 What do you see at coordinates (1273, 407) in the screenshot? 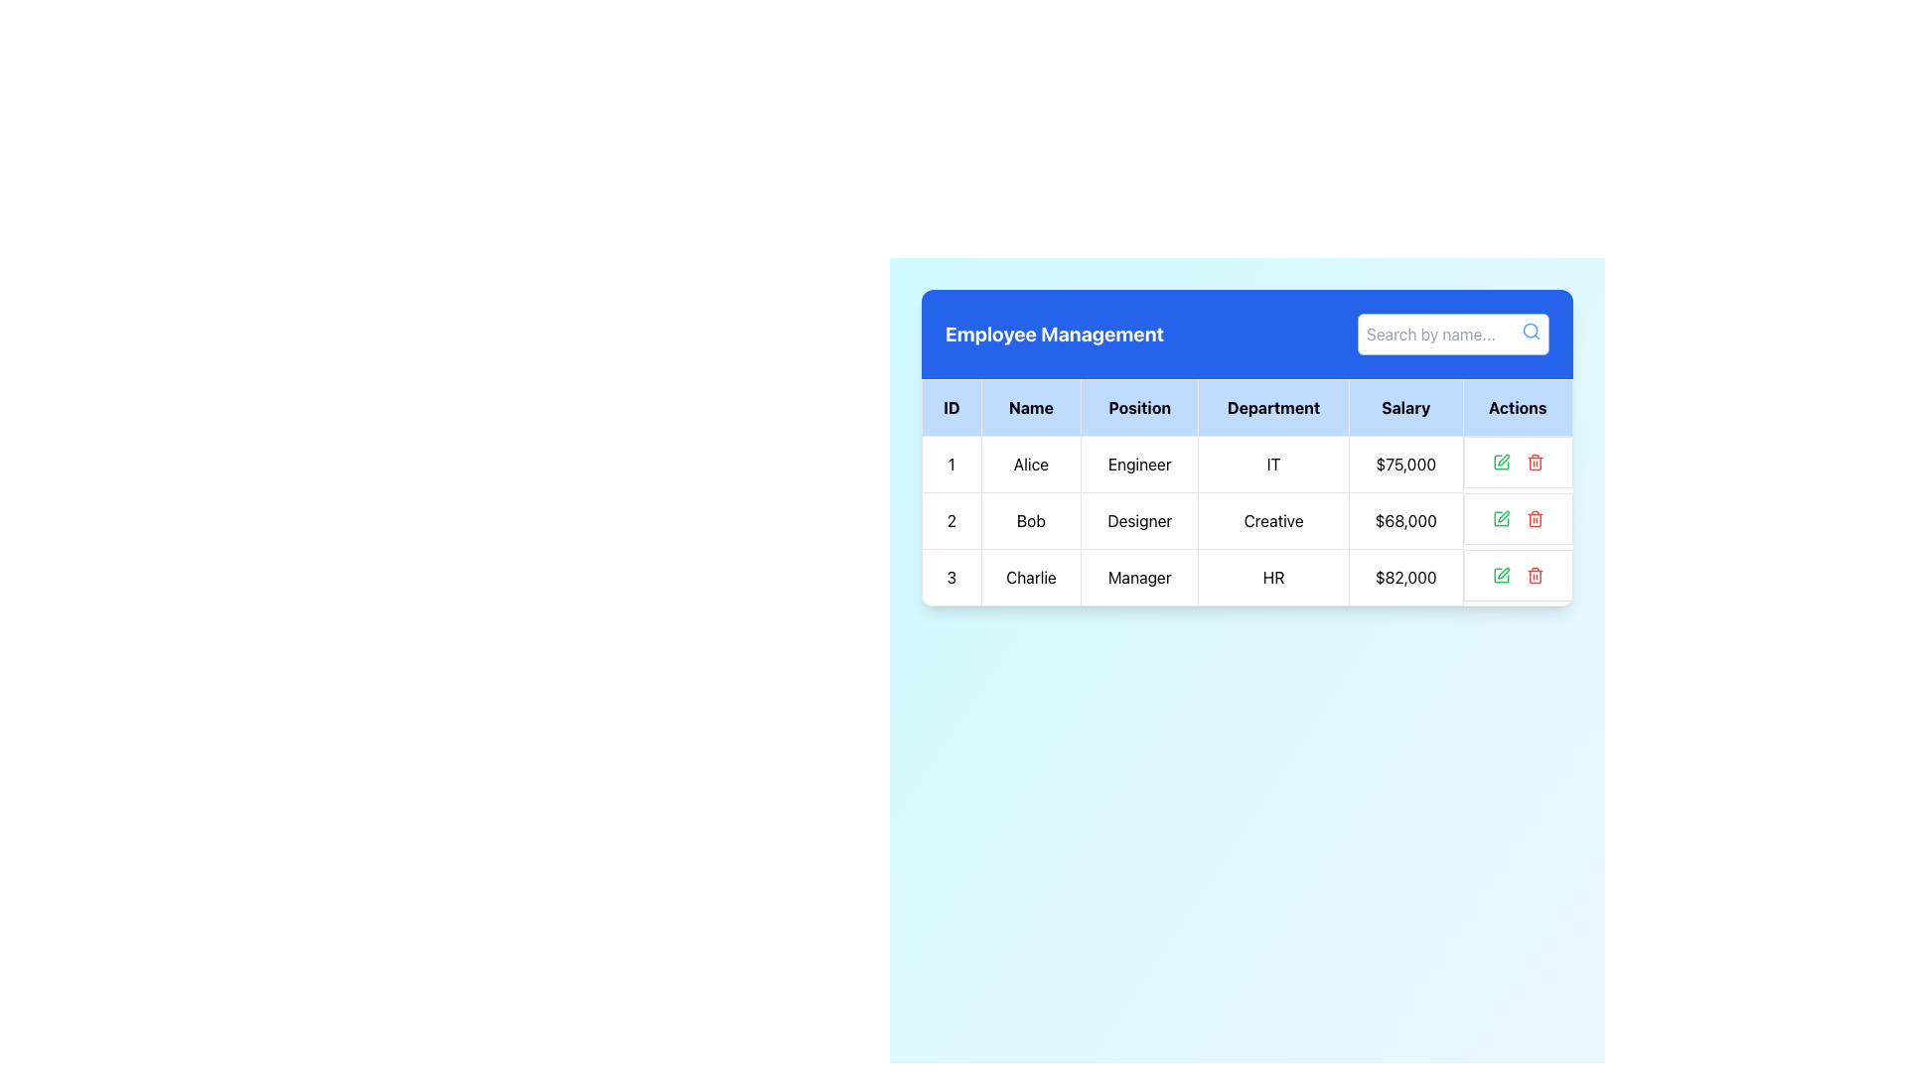
I see `the fourth column header labeled 'Department' in the table, which is positioned between 'Position' and 'Salary'` at bounding box center [1273, 407].